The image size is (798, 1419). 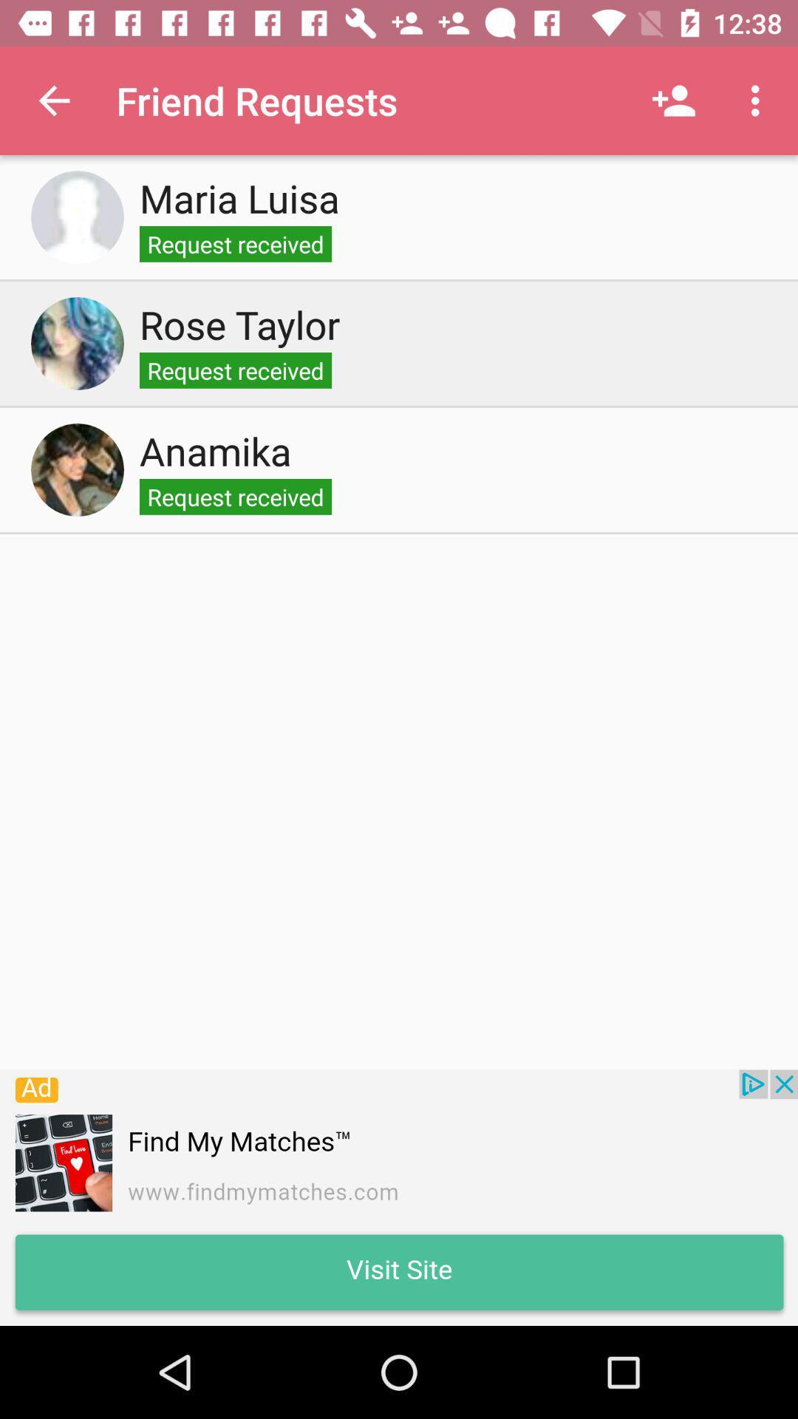 What do you see at coordinates (77, 469) in the screenshot?
I see `select person` at bounding box center [77, 469].